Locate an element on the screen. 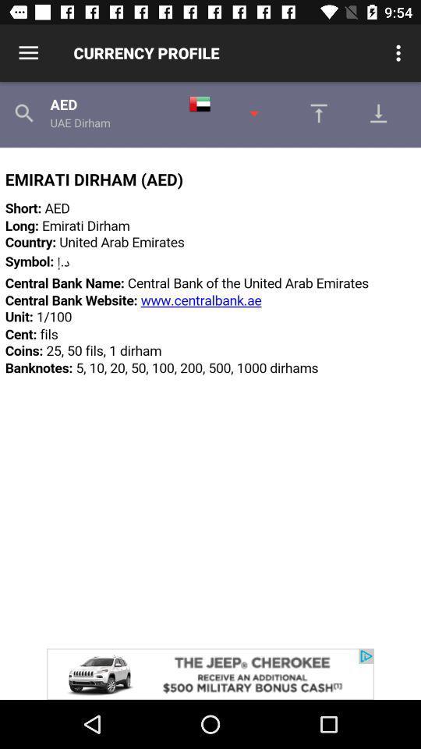  upload is located at coordinates (314, 112).